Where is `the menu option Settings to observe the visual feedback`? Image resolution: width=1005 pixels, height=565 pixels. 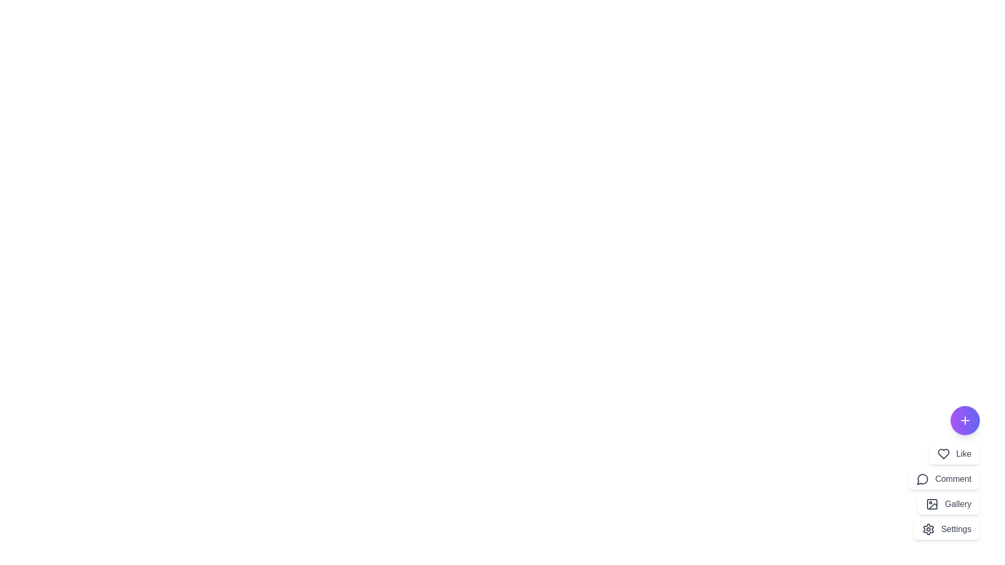 the menu option Settings to observe the visual feedback is located at coordinates (947, 529).